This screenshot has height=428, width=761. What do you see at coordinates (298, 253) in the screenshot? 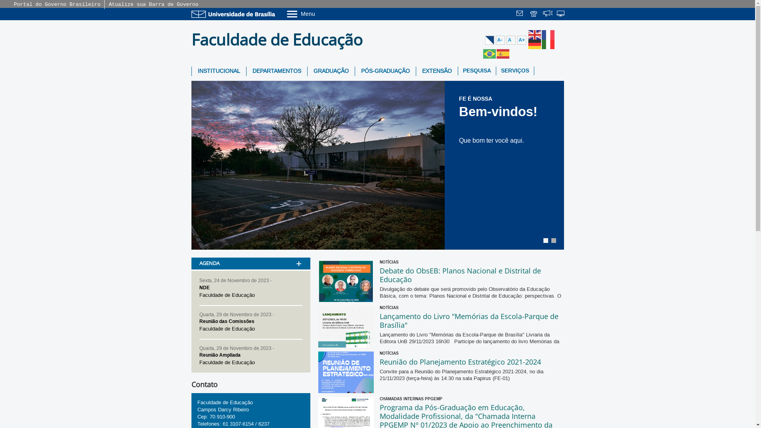
I see `'+'` at bounding box center [298, 253].